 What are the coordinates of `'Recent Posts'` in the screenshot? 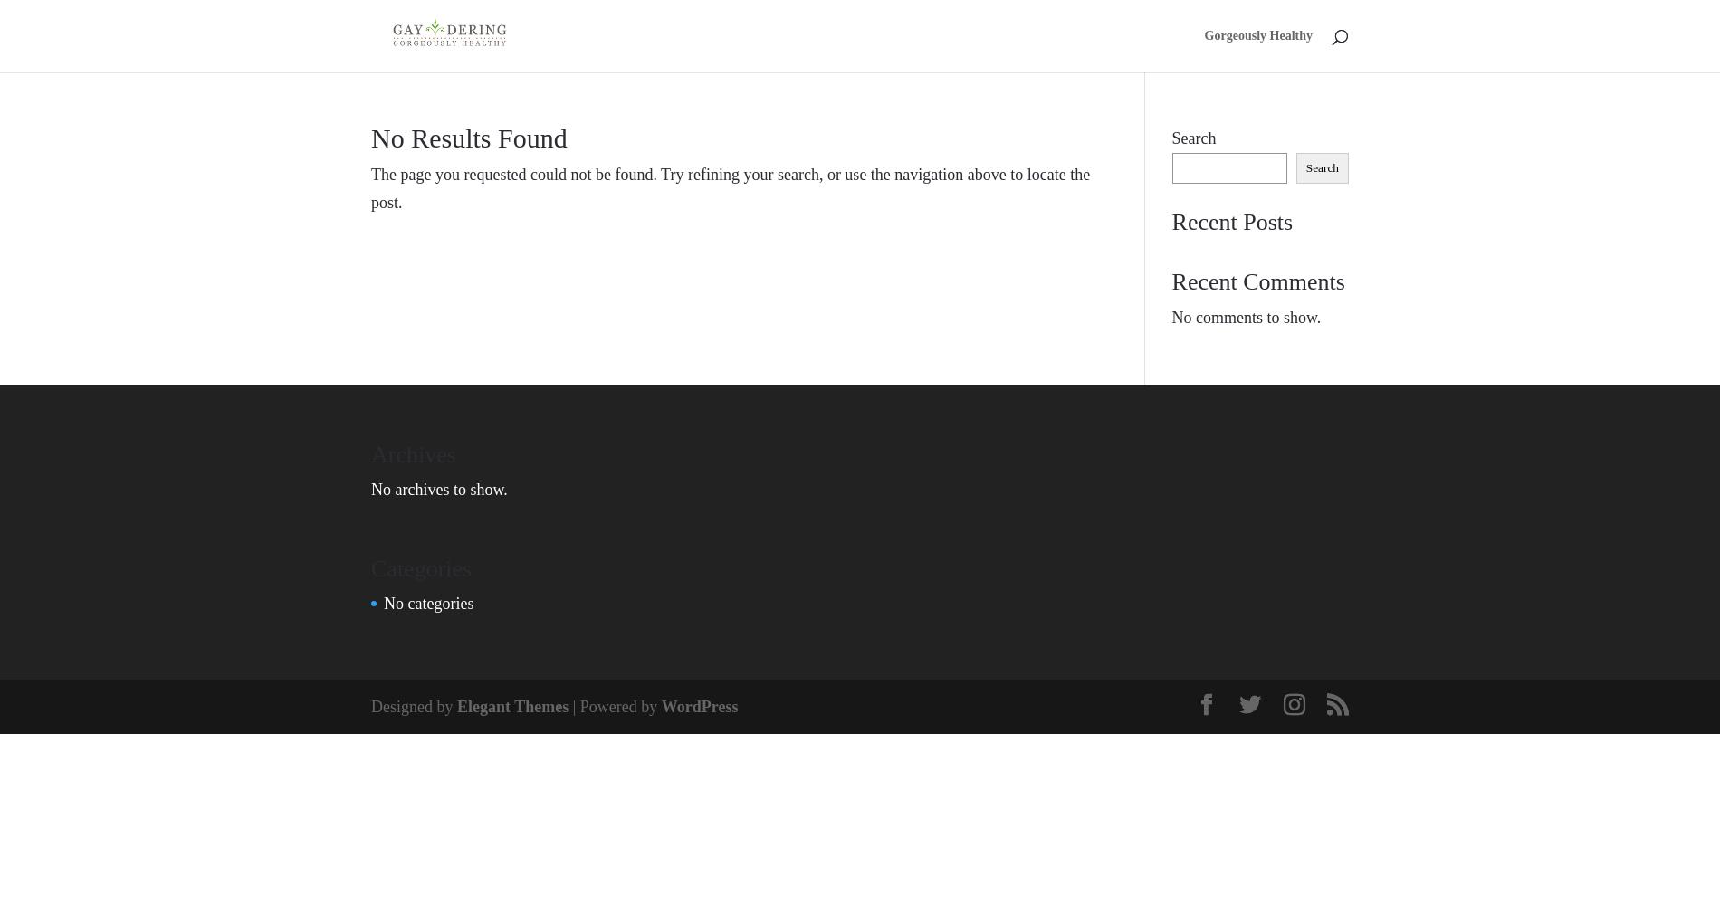 It's located at (1171, 220).